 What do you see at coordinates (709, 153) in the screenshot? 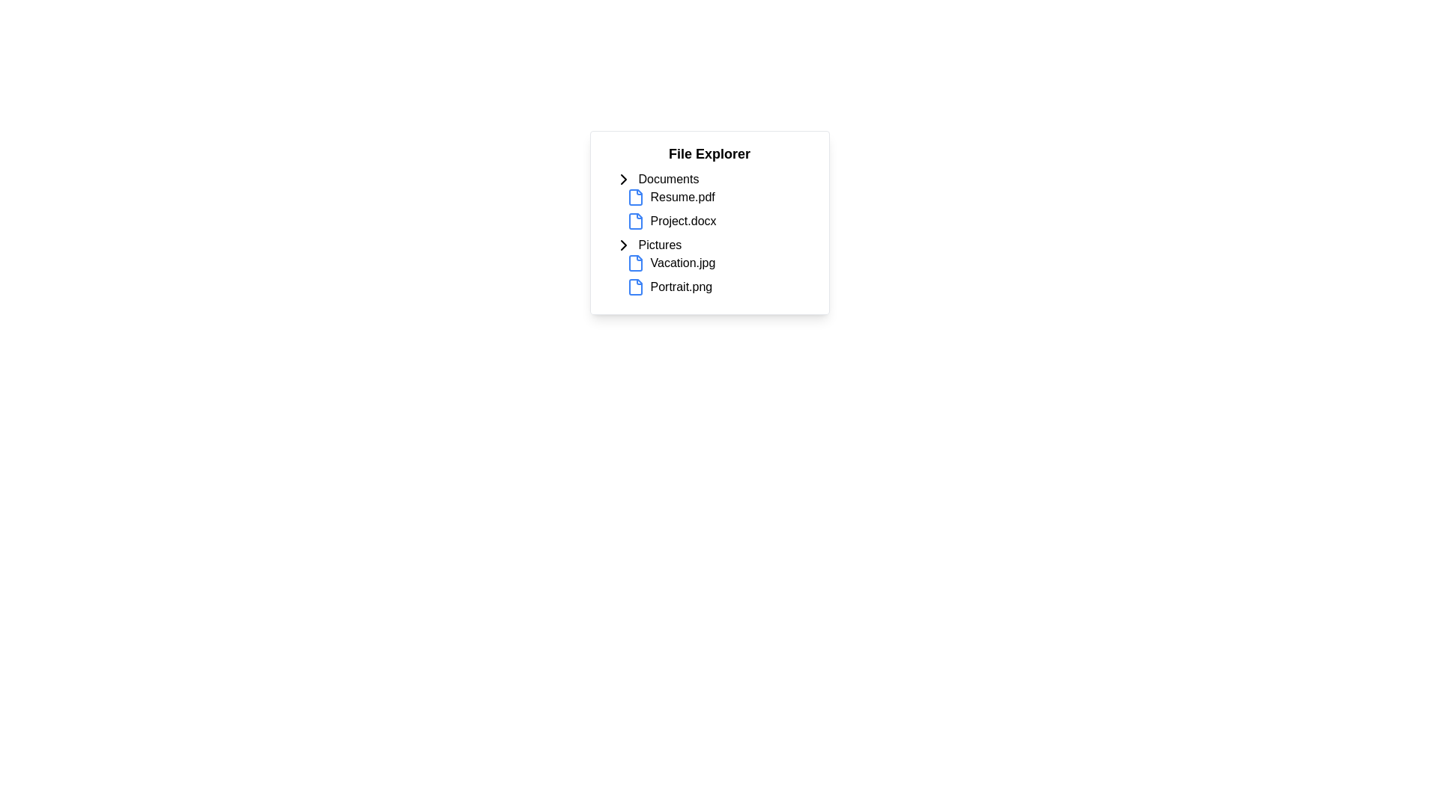
I see `the label that serves as the title for the file browsing interface, located at the top of the visible panel, above the list of folders and files` at bounding box center [709, 153].